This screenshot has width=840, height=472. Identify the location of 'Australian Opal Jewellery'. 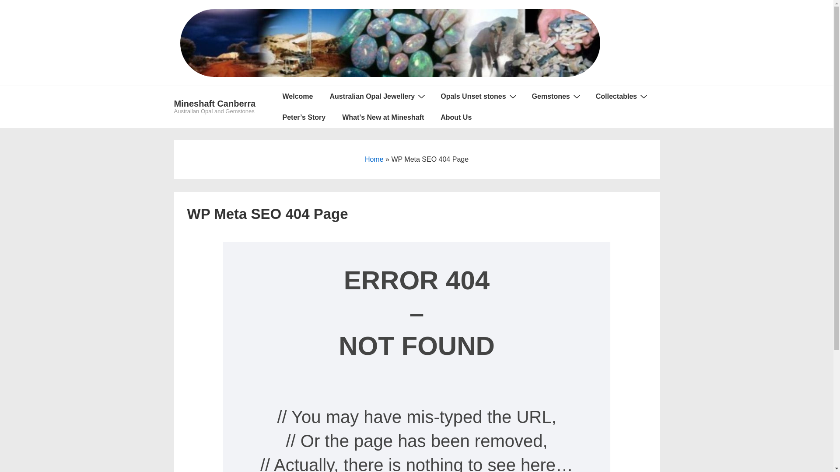
(376, 96).